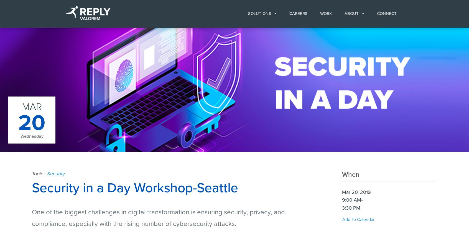 The width and height of the screenshot is (469, 237). What do you see at coordinates (351, 207) in the screenshot?
I see `'3:30 PM'` at bounding box center [351, 207].